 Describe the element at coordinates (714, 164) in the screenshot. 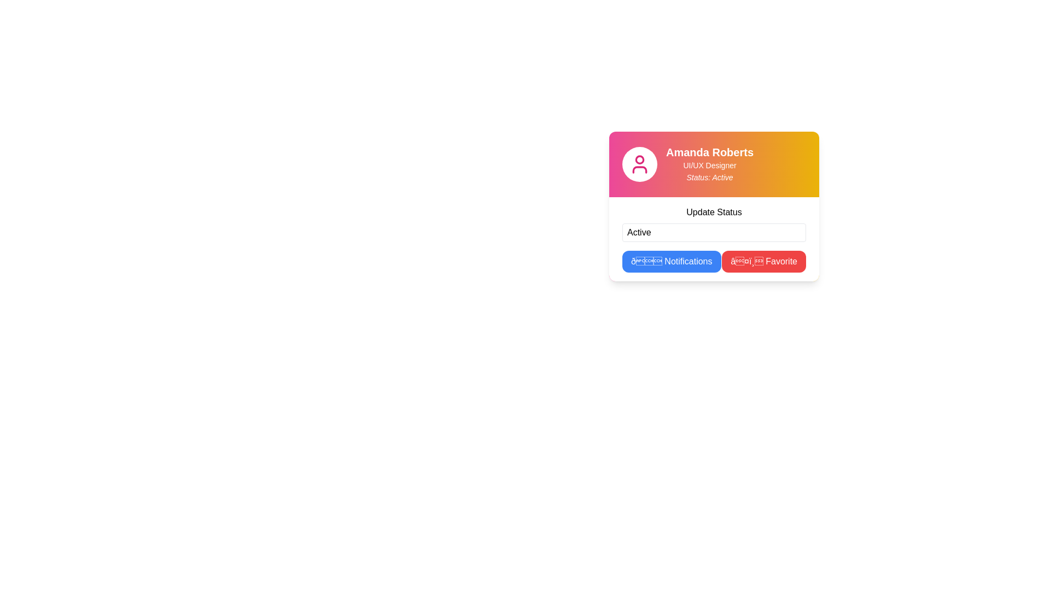

I see `the Profile header section that displays user information including name, role, and status, located at the top of the interface, above the 'Update Status' section` at that location.